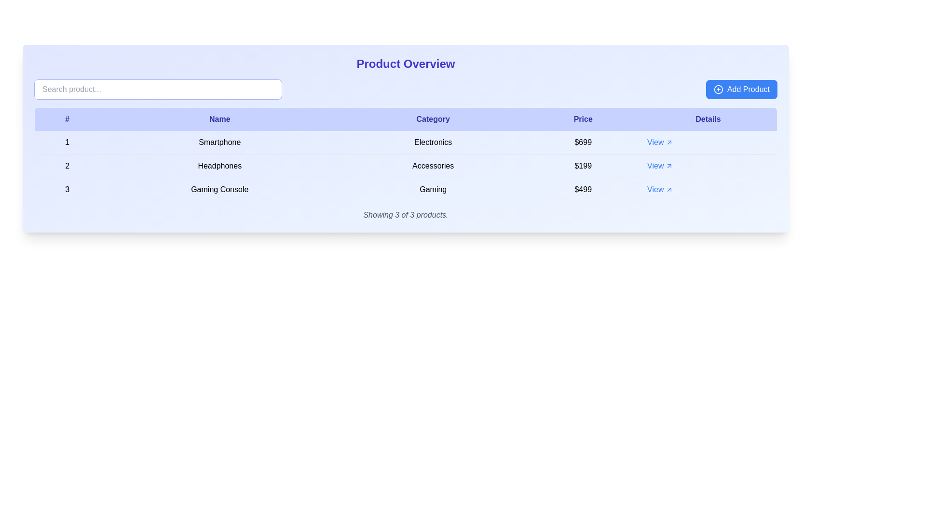 Image resolution: width=926 pixels, height=520 pixels. I want to click on the hyperlink labeled 'View' in the 'Details' column of the third row of the table, so click(660, 189).